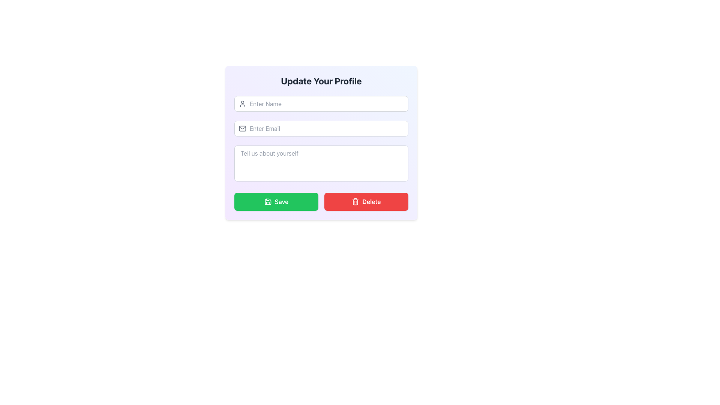 The width and height of the screenshot is (720, 405). What do you see at coordinates (321, 81) in the screenshot?
I see `the centered heading element with bold text reading 'Update Your Profile', located at the top of the card interface` at bounding box center [321, 81].